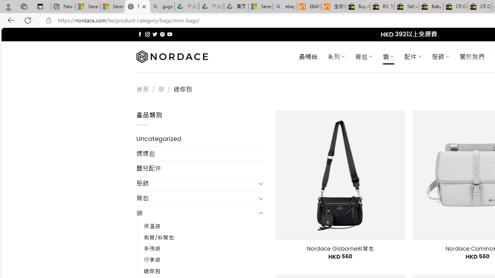 This screenshot has width=495, height=278. Describe the element at coordinates (140, 34) in the screenshot. I see `'Follow on Facebook'` at that location.